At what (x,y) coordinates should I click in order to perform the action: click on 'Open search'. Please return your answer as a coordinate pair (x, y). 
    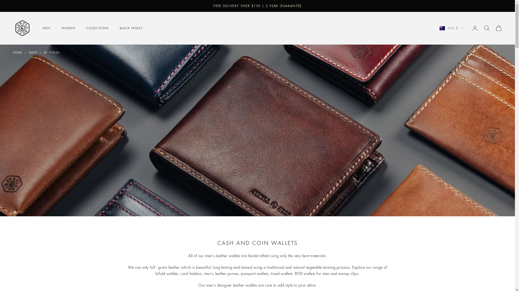
    Looking at the image, I should click on (487, 28).